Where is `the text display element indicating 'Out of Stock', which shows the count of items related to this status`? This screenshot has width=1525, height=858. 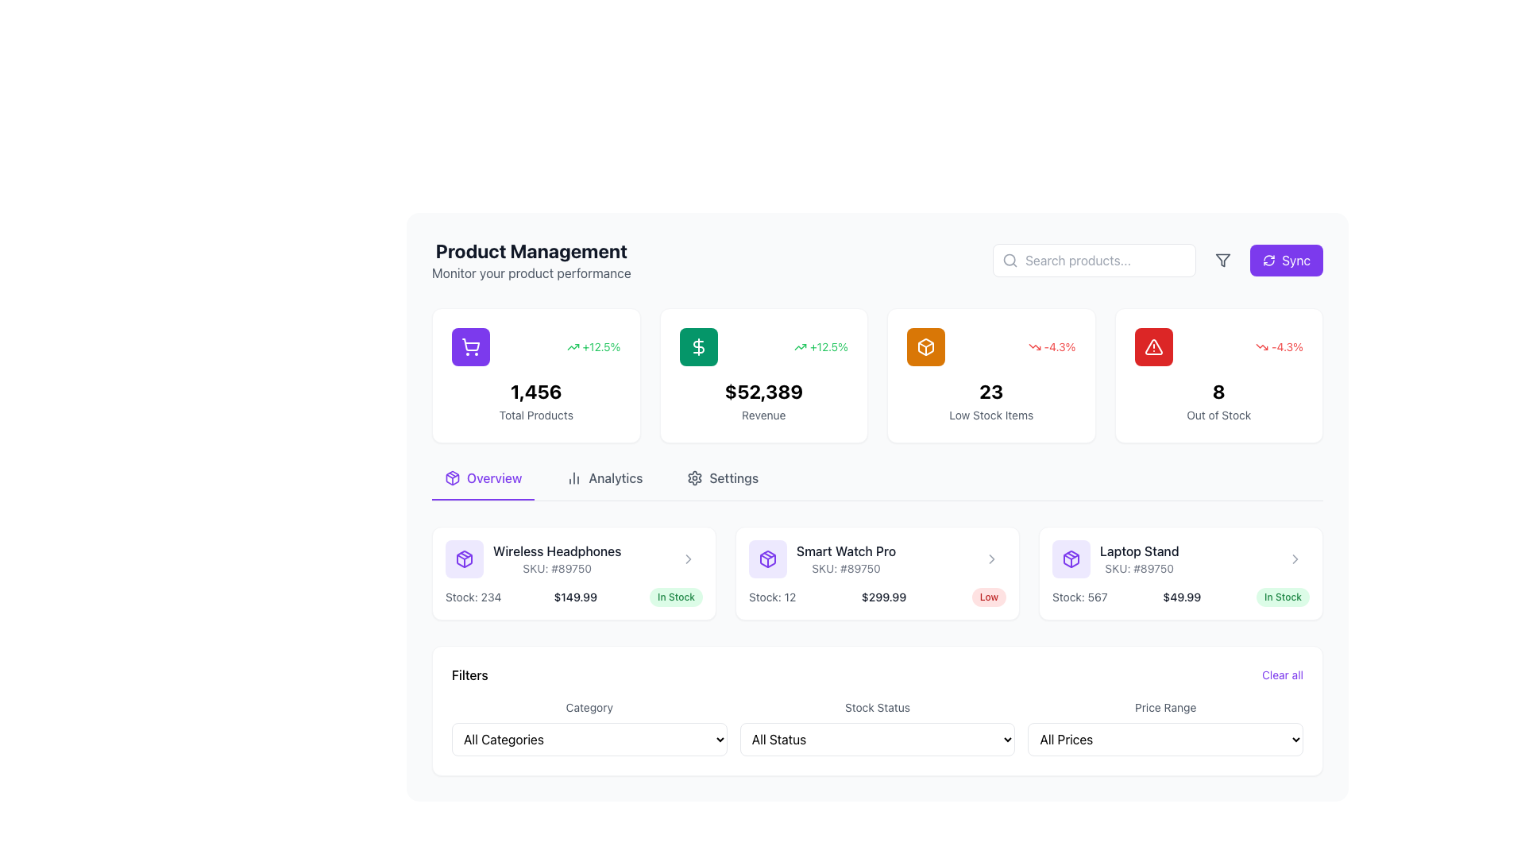 the text display element indicating 'Out of Stock', which shows the count of items related to this status is located at coordinates (1218, 392).